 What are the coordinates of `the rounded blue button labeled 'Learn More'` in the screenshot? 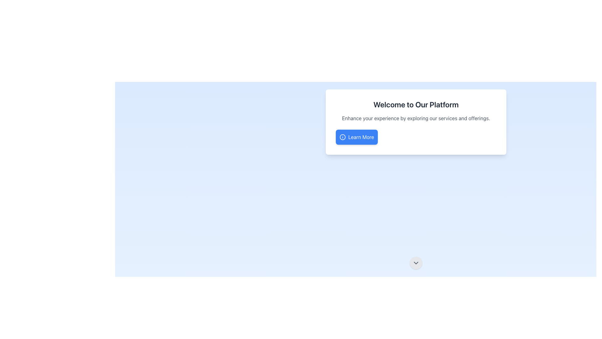 It's located at (356, 137).